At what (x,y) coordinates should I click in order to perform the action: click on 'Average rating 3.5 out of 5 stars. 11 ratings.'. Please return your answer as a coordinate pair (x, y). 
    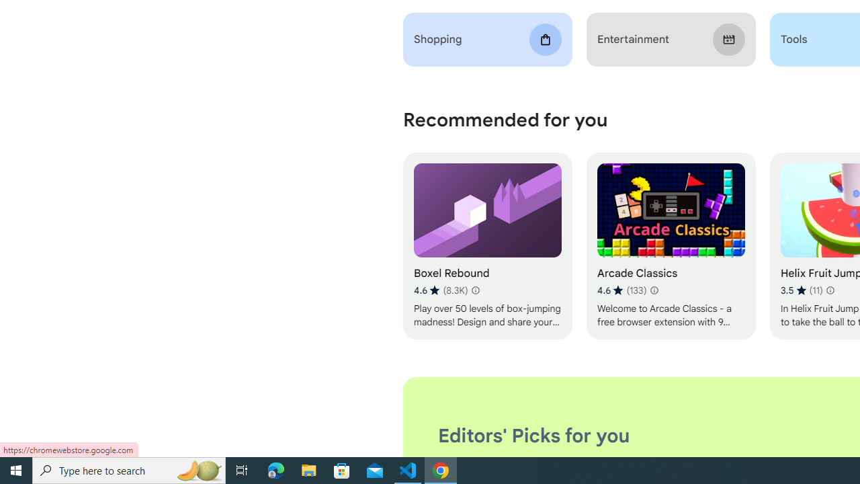
    Looking at the image, I should click on (801, 290).